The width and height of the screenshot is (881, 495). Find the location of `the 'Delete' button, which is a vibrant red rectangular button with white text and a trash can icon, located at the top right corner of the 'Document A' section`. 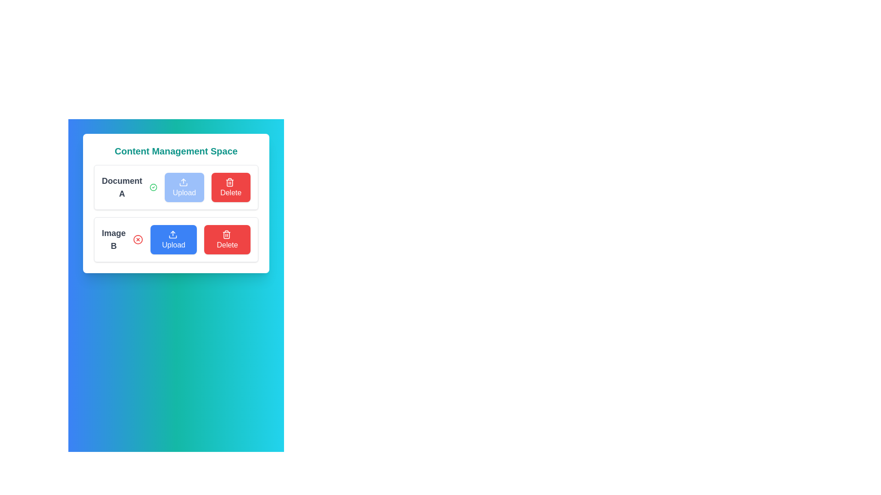

the 'Delete' button, which is a vibrant red rectangular button with white text and a trash can icon, located at the top right corner of the 'Document A' section is located at coordinates (231, 187).